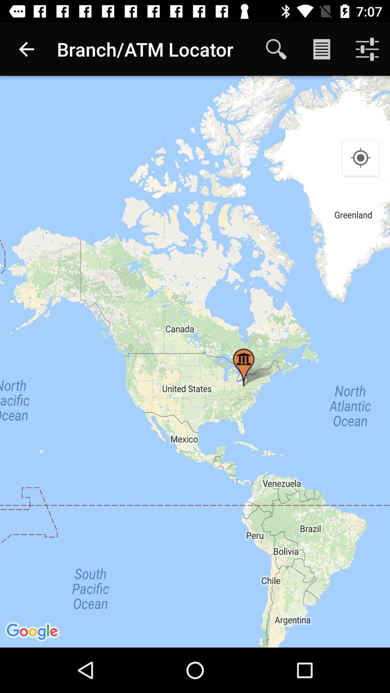  I want to click on the location_crosshair icon, so click(360, 158).